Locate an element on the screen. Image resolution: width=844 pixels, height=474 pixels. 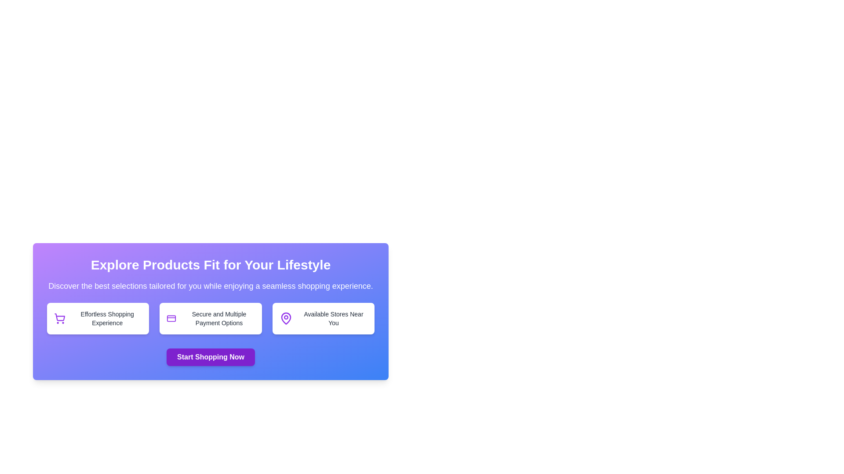
the shopping button located at the bottom center of the introductory block is located at coordinates (210, 357).